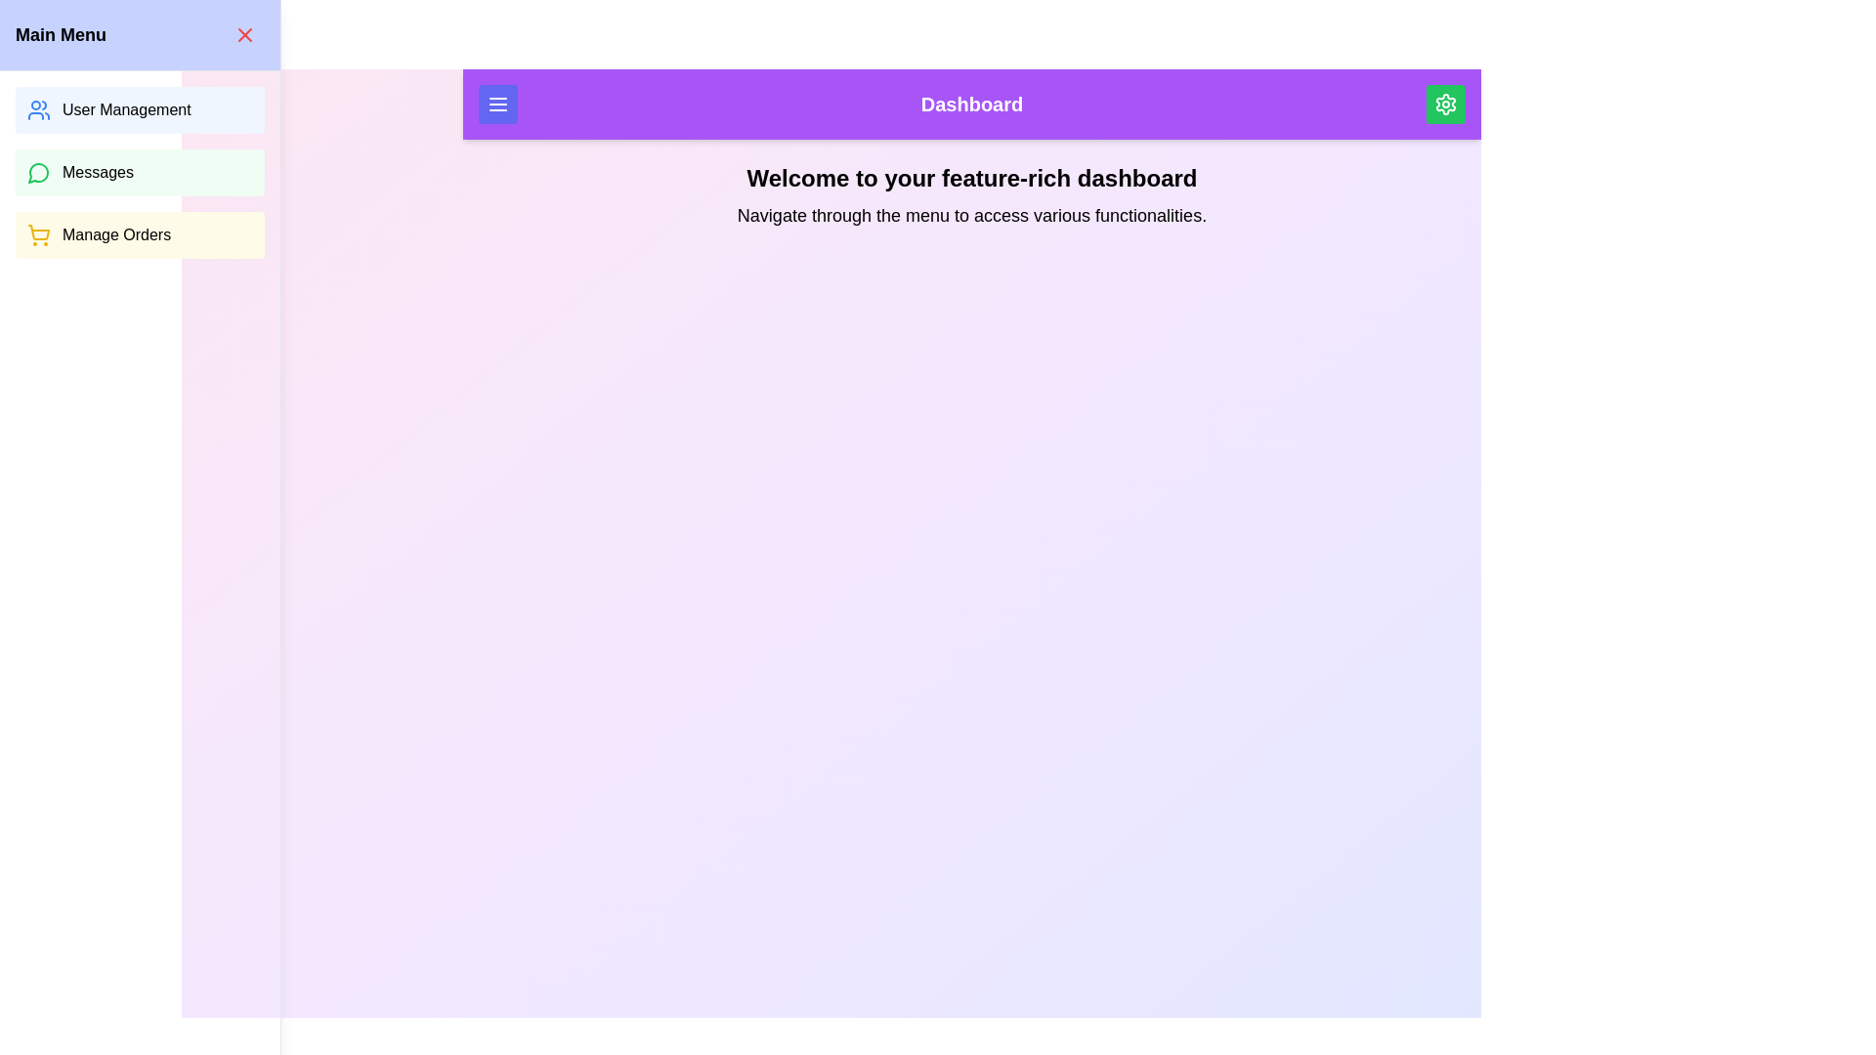 Image resolution: width=1876 pixels, height=1055 pixels. Describe the element at coordinates (139, 109) in the screenshot. I see `the 'User Management' button, which has a light blue background and a user icon on the left` at that location.